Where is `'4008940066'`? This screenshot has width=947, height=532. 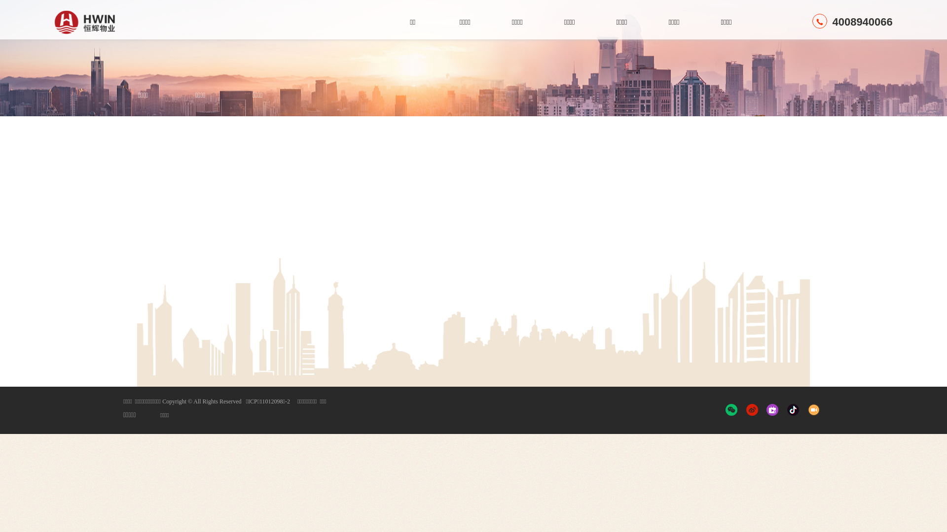 '4008940066' is located at coordinates (812, 22).